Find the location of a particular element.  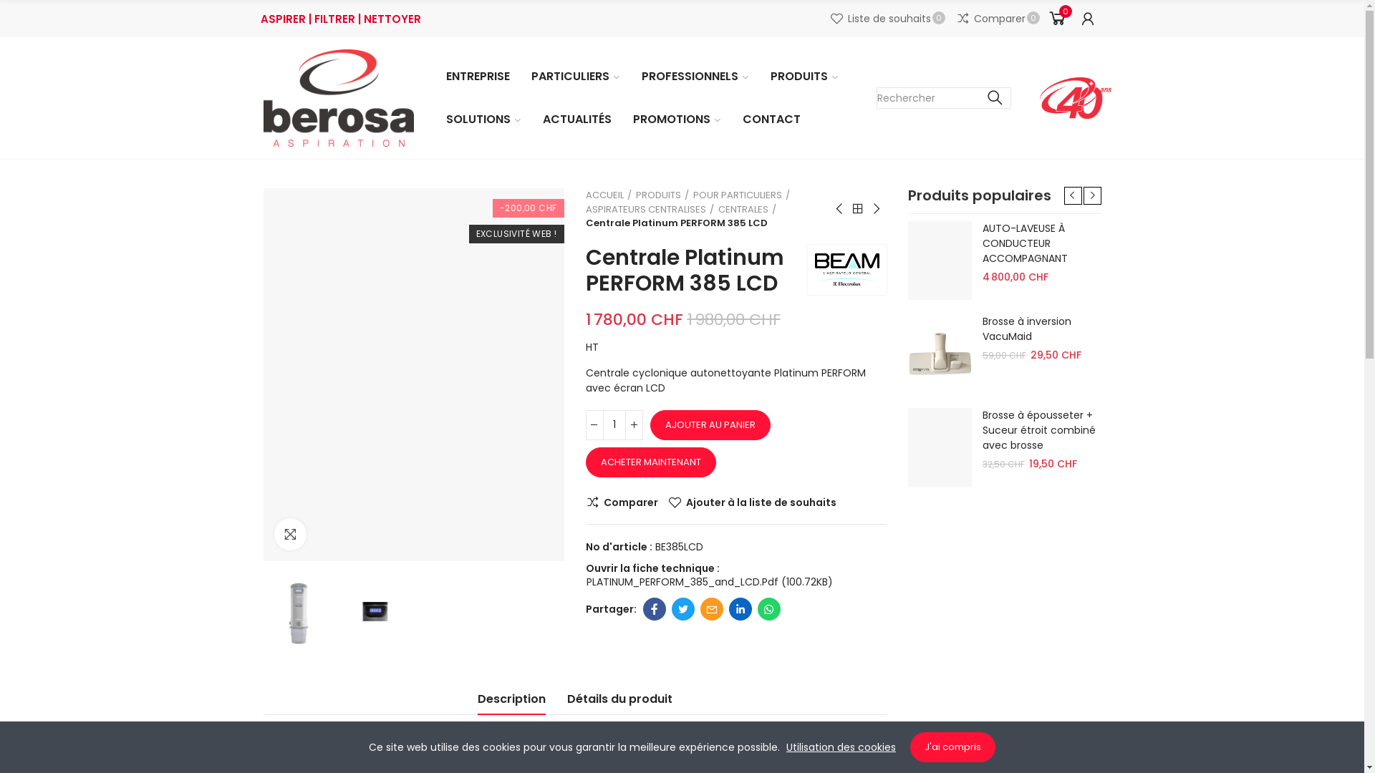

'ACCUEIL' is located at coordinates (608, 195).